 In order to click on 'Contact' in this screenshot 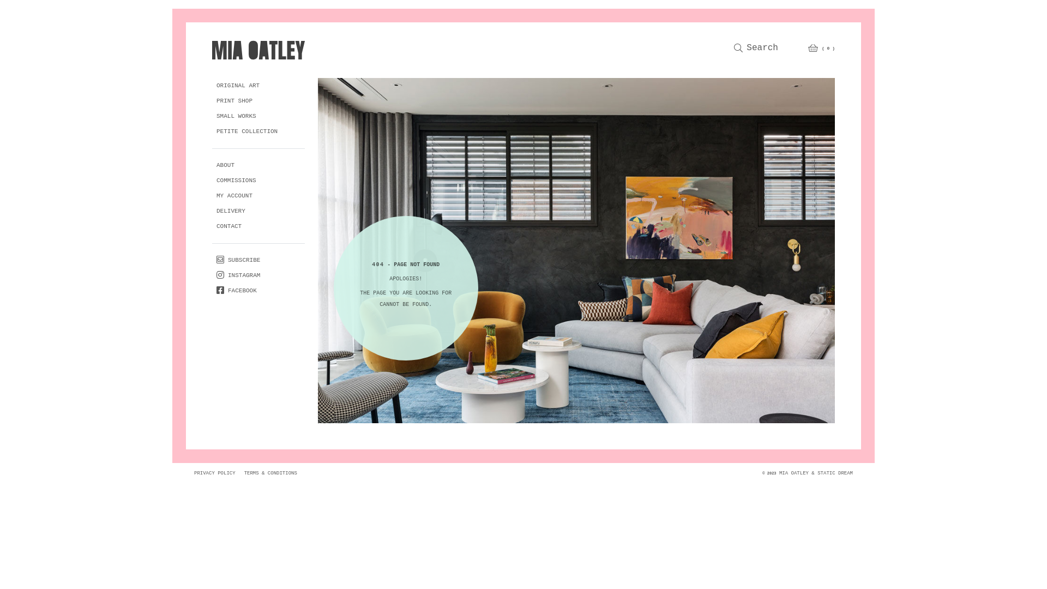, I will do `click(228, 226)`.